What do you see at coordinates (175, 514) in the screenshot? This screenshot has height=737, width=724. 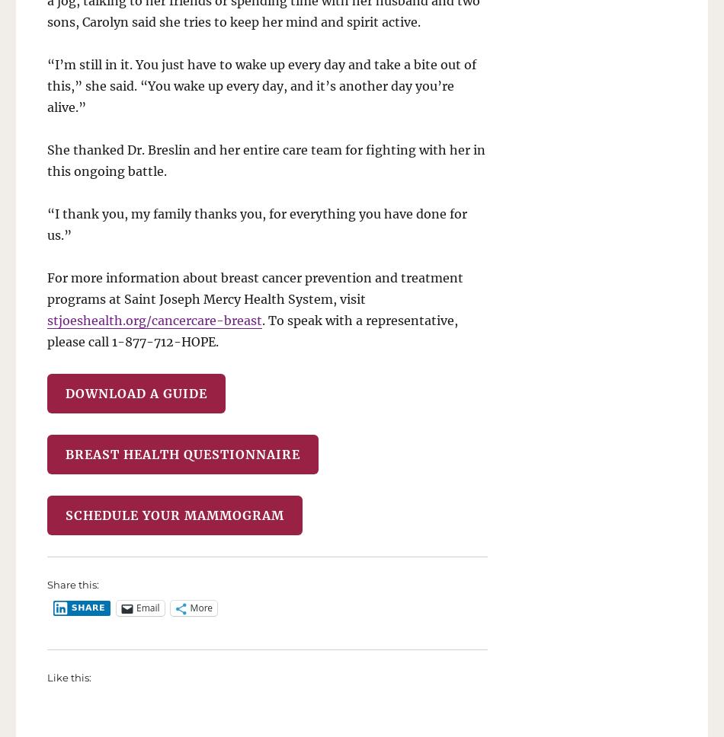 I see `'Schedule Your Mammogram'` at bounding box center [175, 514].